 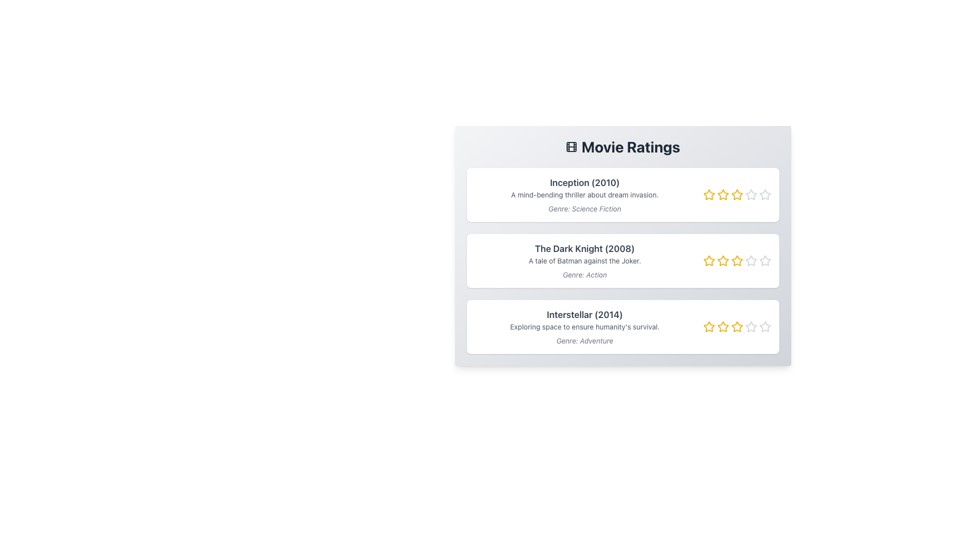 I want to click on the third yellow star in the rating system for the movie 'Inception (2010)', so click(x=737, y=194).